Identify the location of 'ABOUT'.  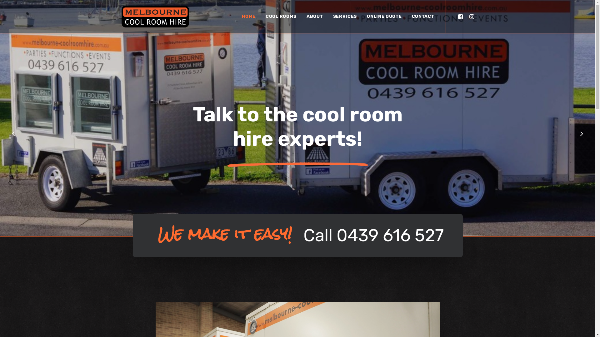
(315, 16).